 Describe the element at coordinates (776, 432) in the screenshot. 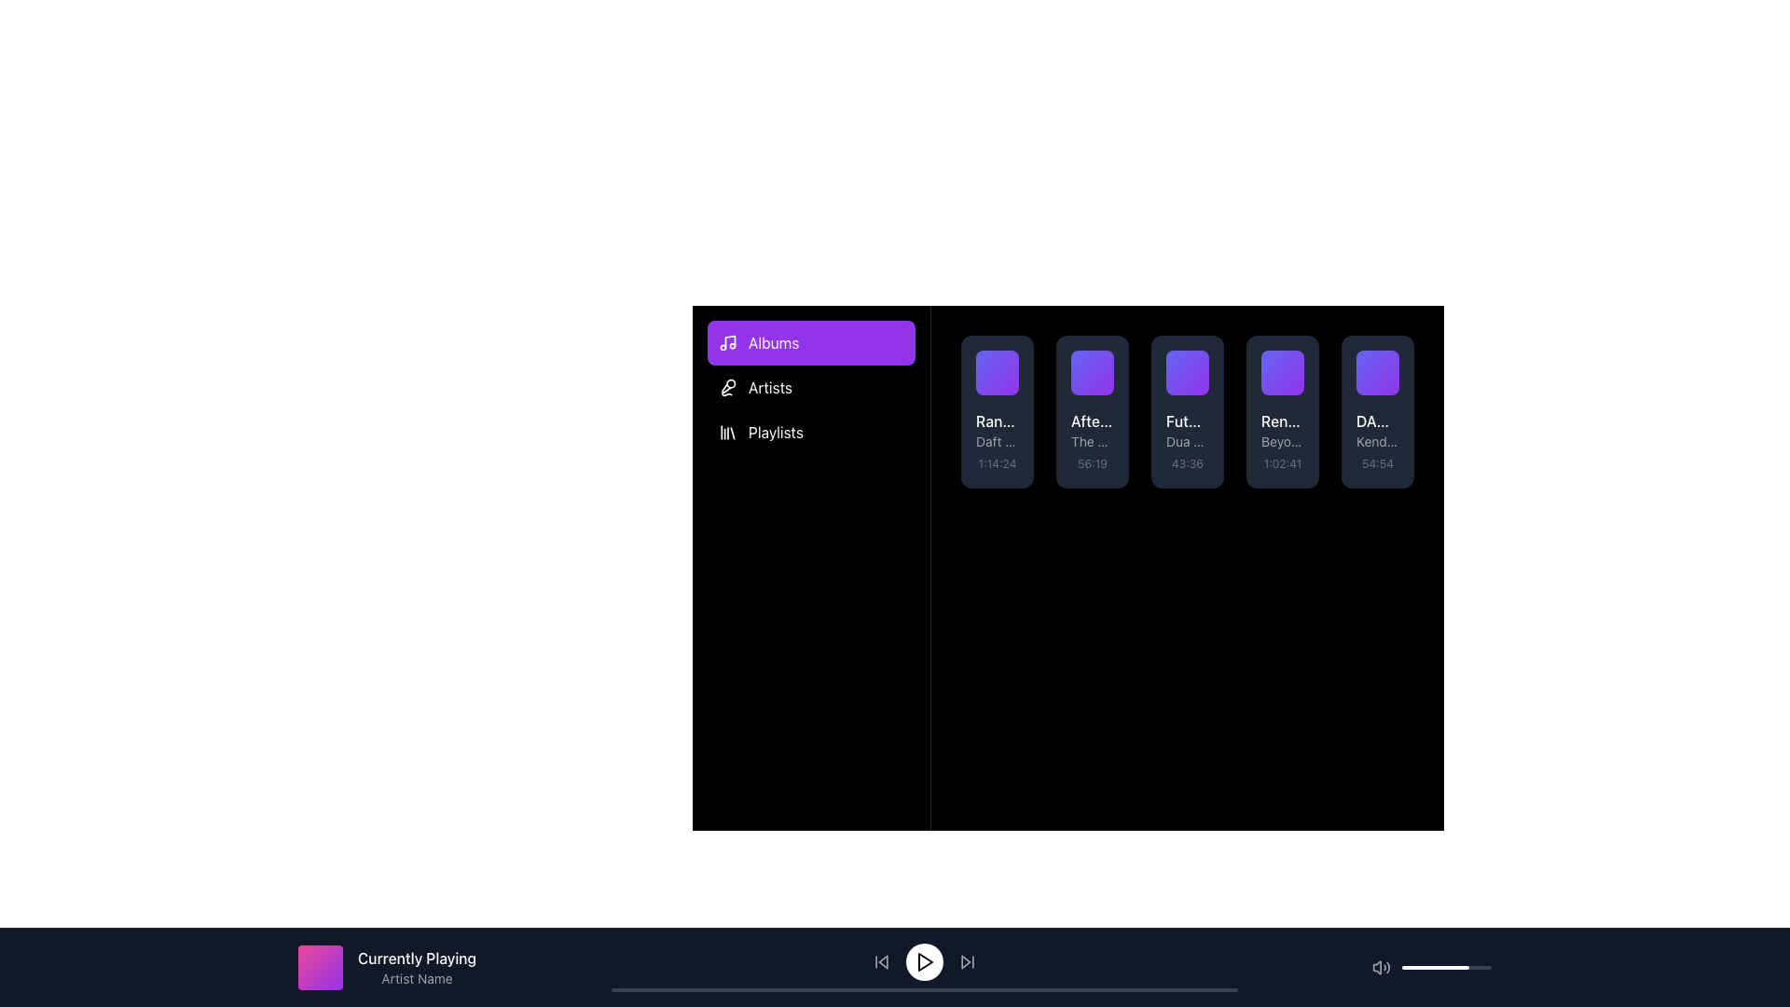

I see `the 'Playlists' text label within the navigational menu located below 'Artists'` at that location.